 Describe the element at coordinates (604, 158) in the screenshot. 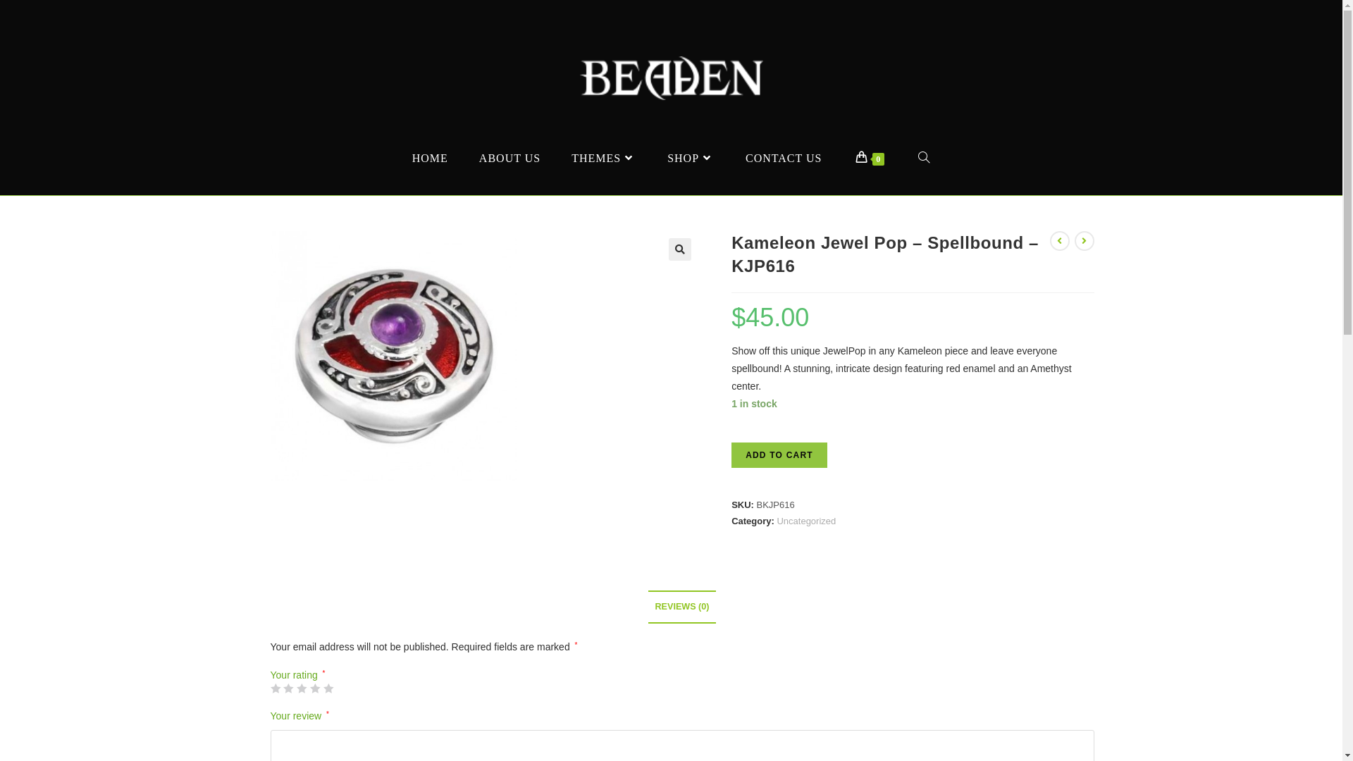

I see `'THEMES'` at that location.